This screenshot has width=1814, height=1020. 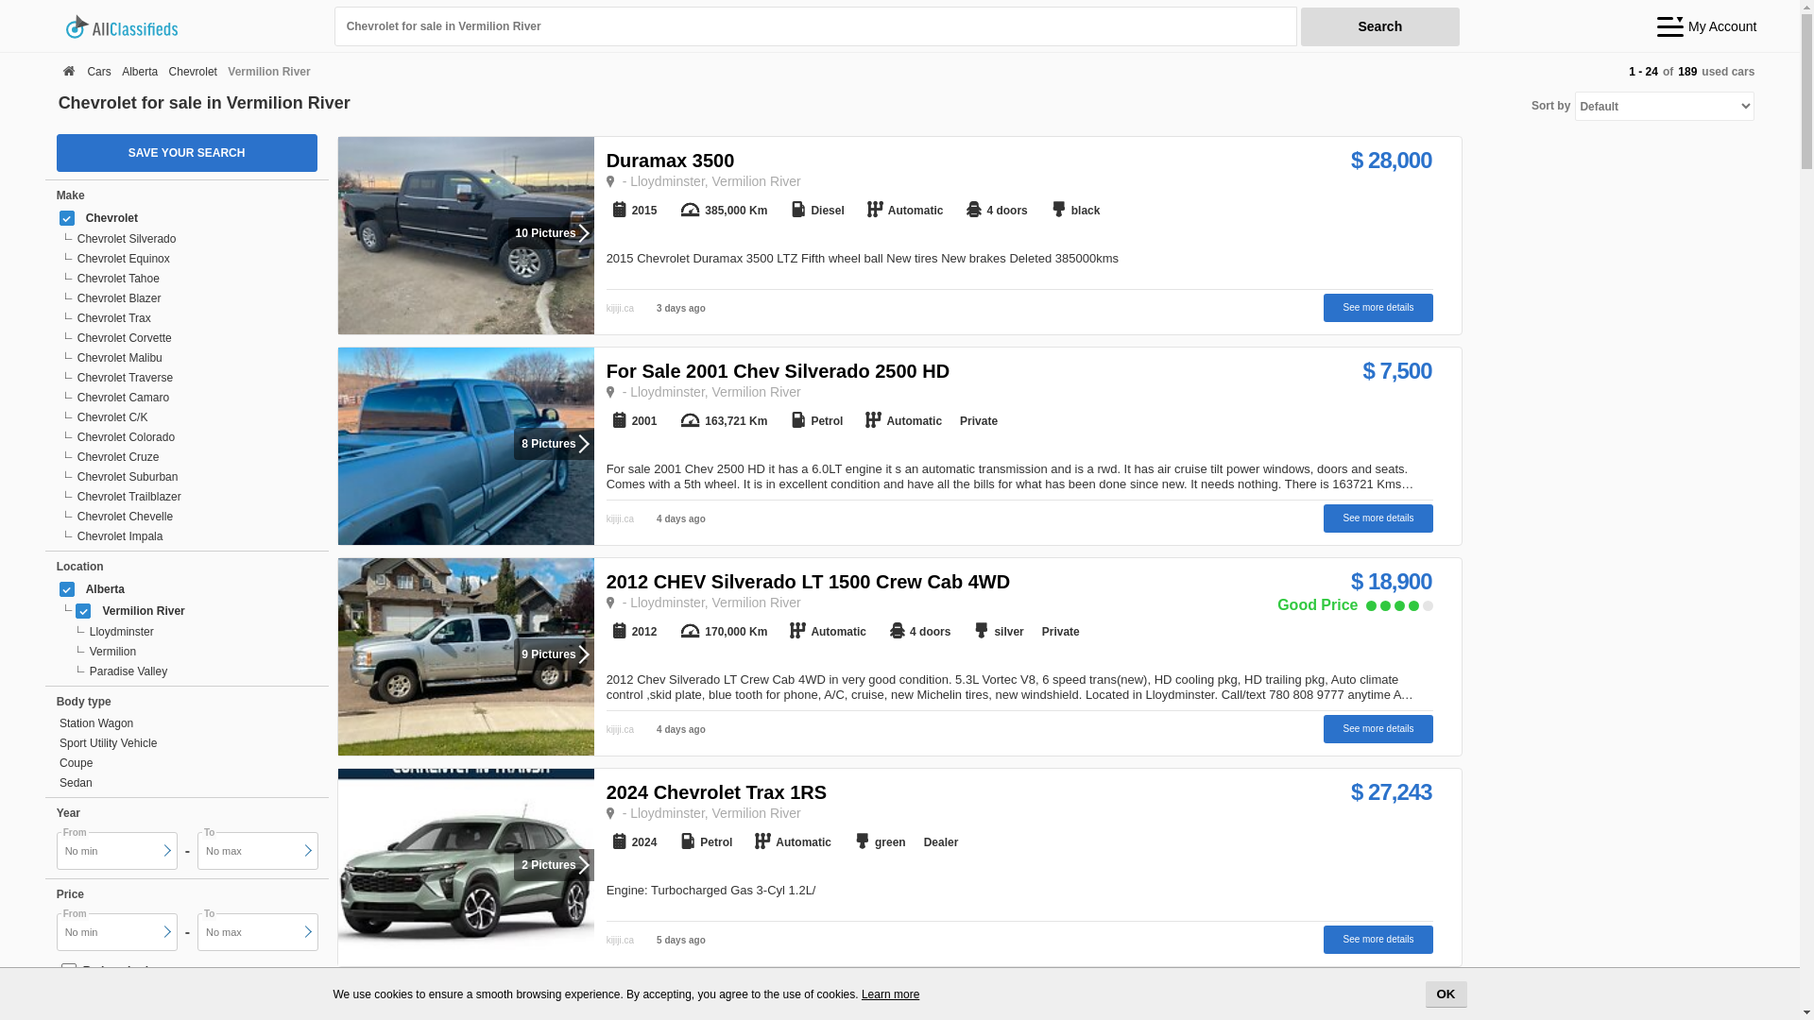 I want to click on 'Chevrolet', so click(x=193, y=71).